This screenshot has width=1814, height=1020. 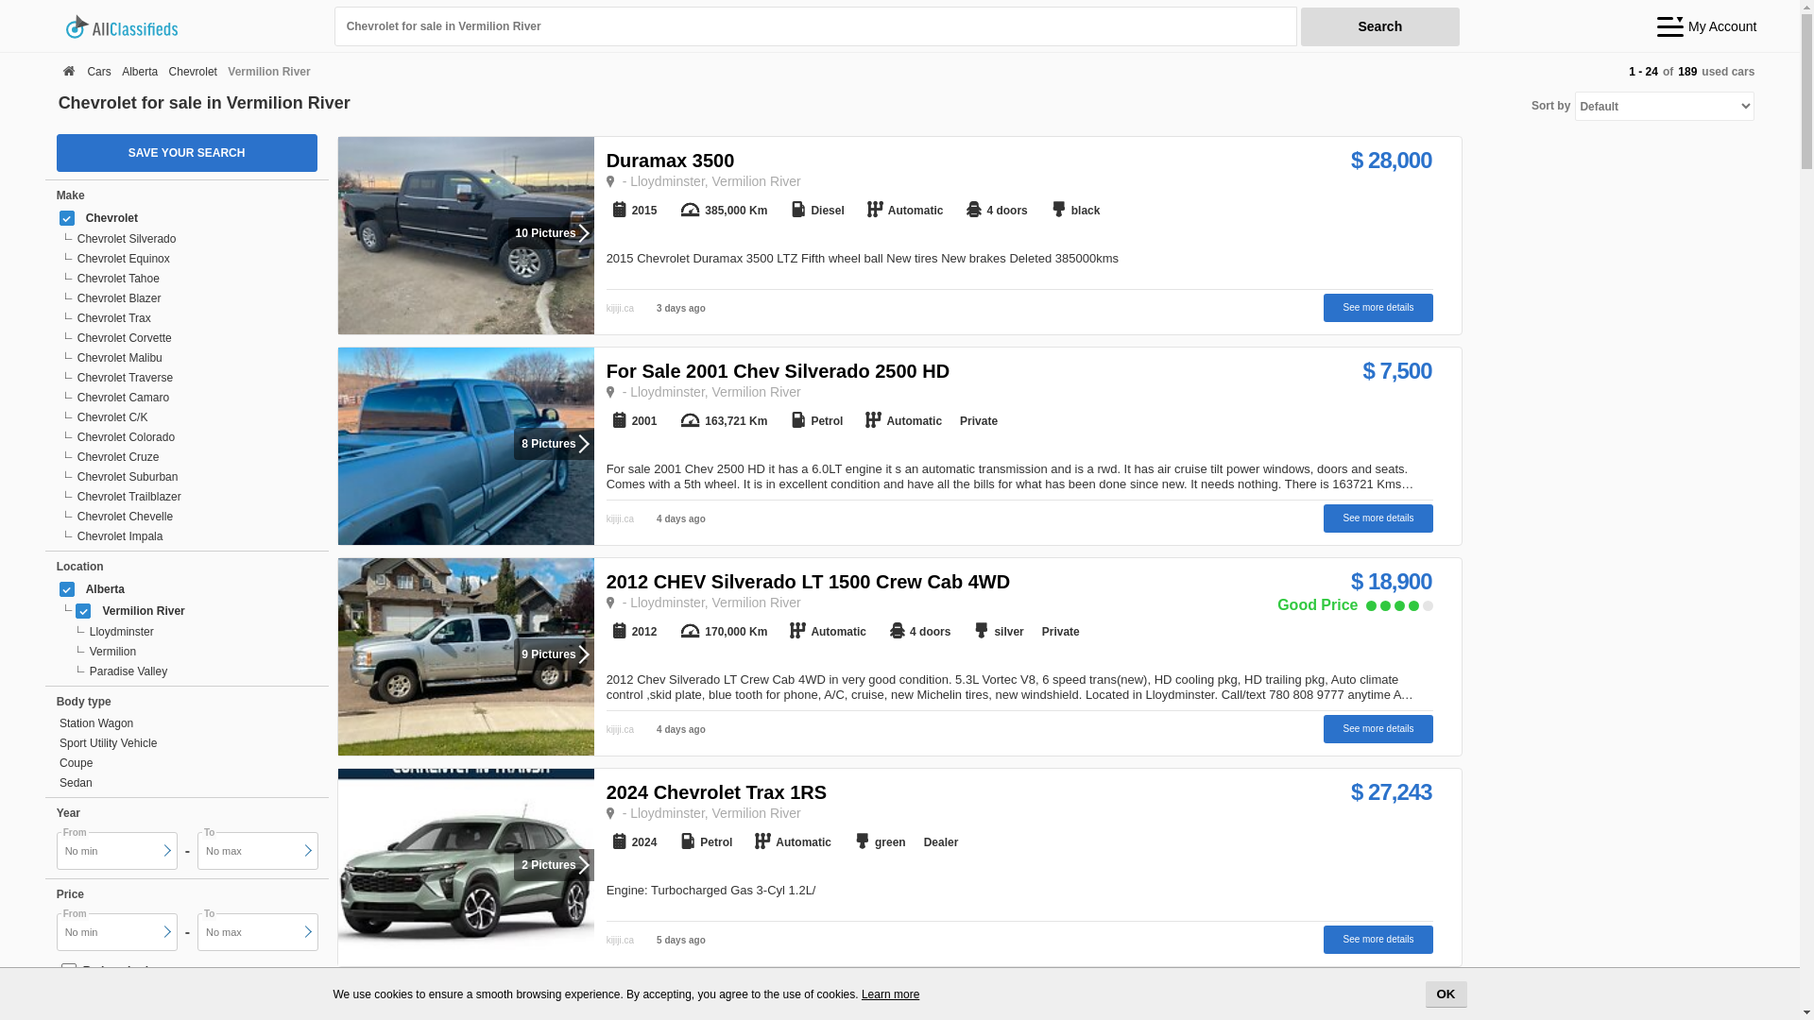 I want to click on 'Chevrolet', so click(x=193, y=71).